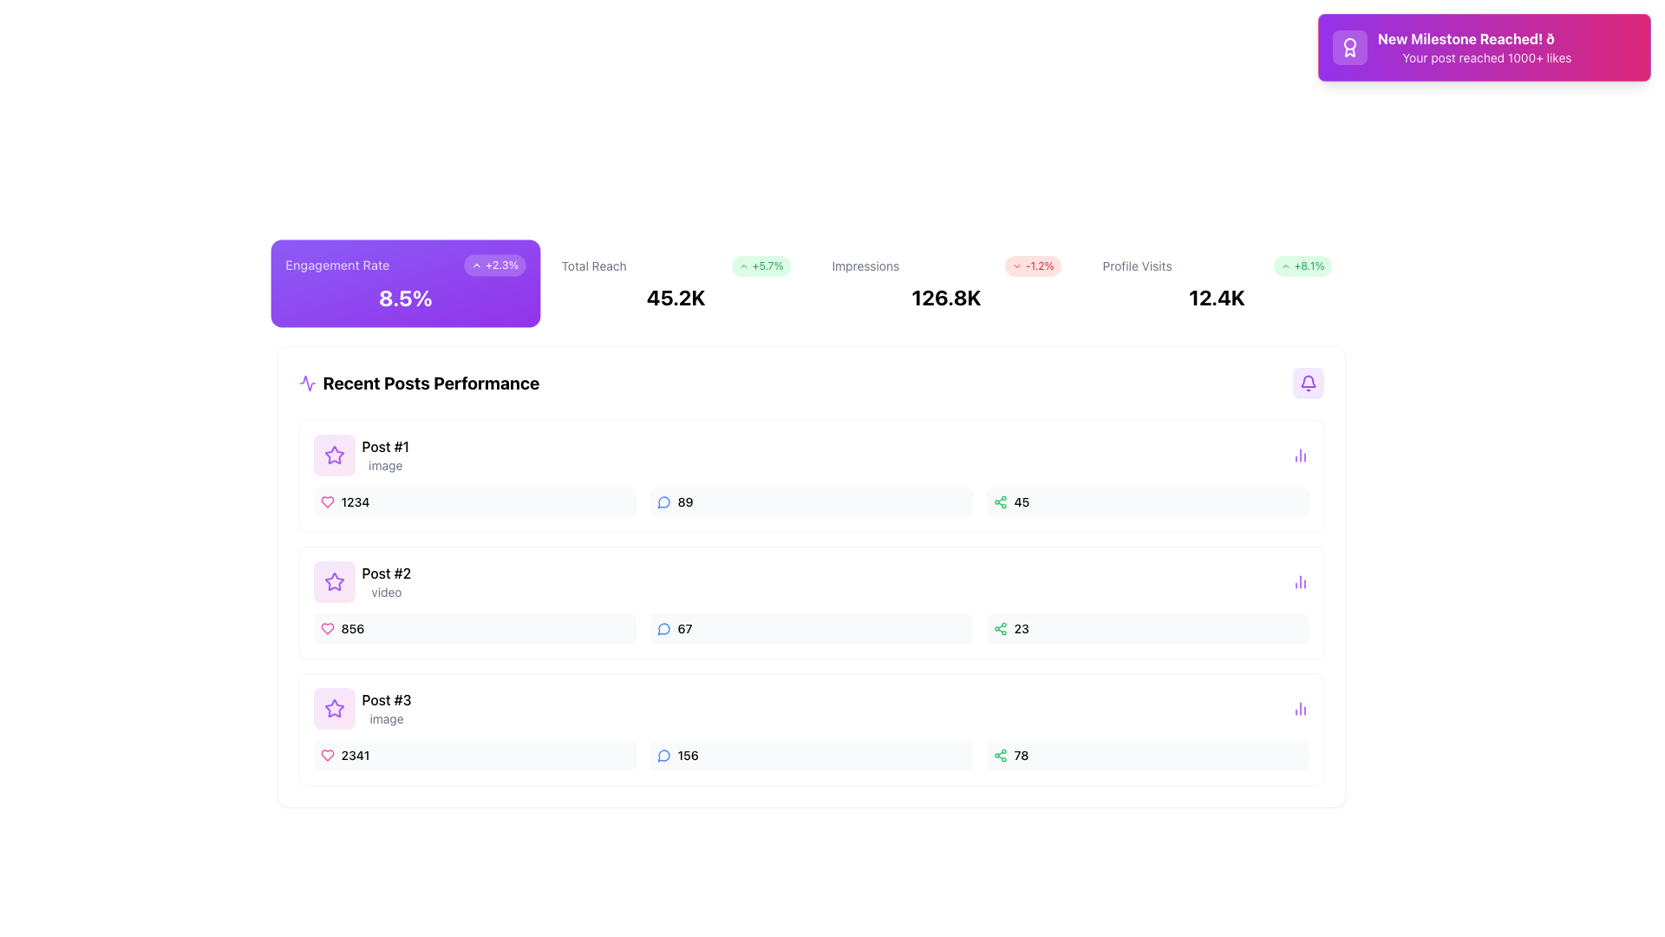  I want to click on the text block displaying 'Post #1' which provides information about an image post, so click(384, 454).